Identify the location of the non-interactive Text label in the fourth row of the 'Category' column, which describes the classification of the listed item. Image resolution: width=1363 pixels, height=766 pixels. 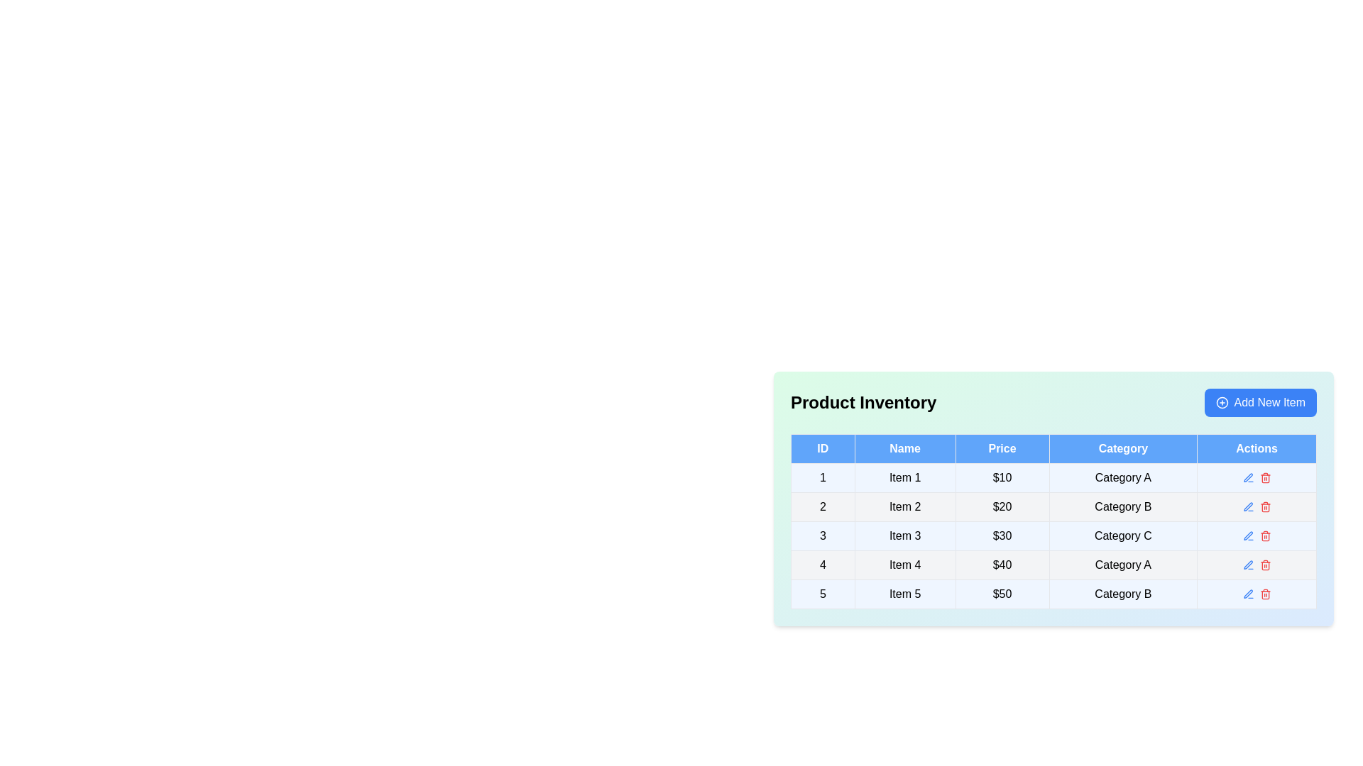
(1122, 565).